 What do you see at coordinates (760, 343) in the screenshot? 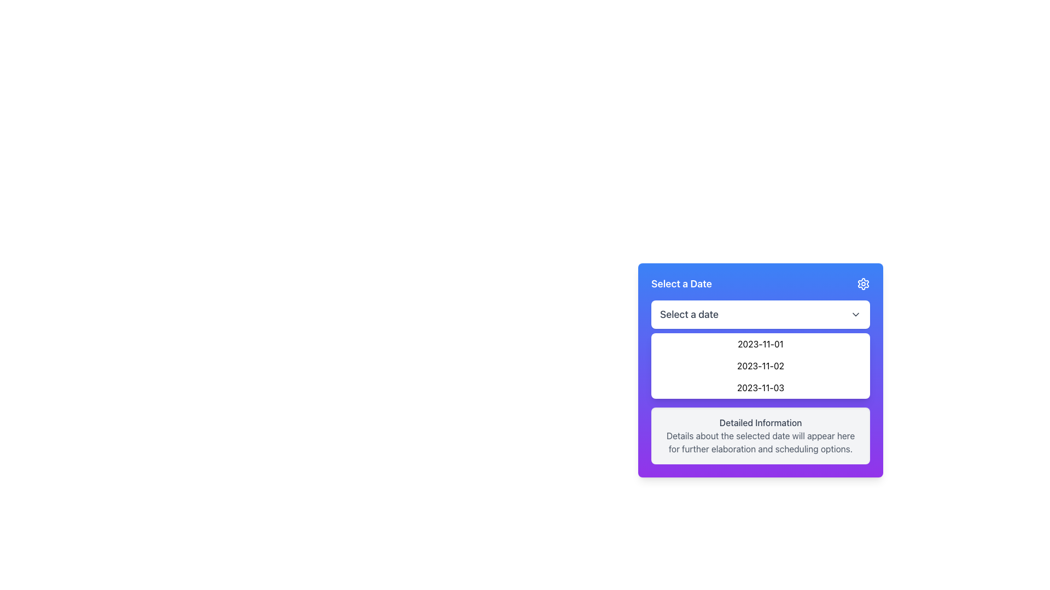
I see `the clickable list item displaying '2023-11-01' to trigger a visual change in the background color` at bounding box center [760, 343].